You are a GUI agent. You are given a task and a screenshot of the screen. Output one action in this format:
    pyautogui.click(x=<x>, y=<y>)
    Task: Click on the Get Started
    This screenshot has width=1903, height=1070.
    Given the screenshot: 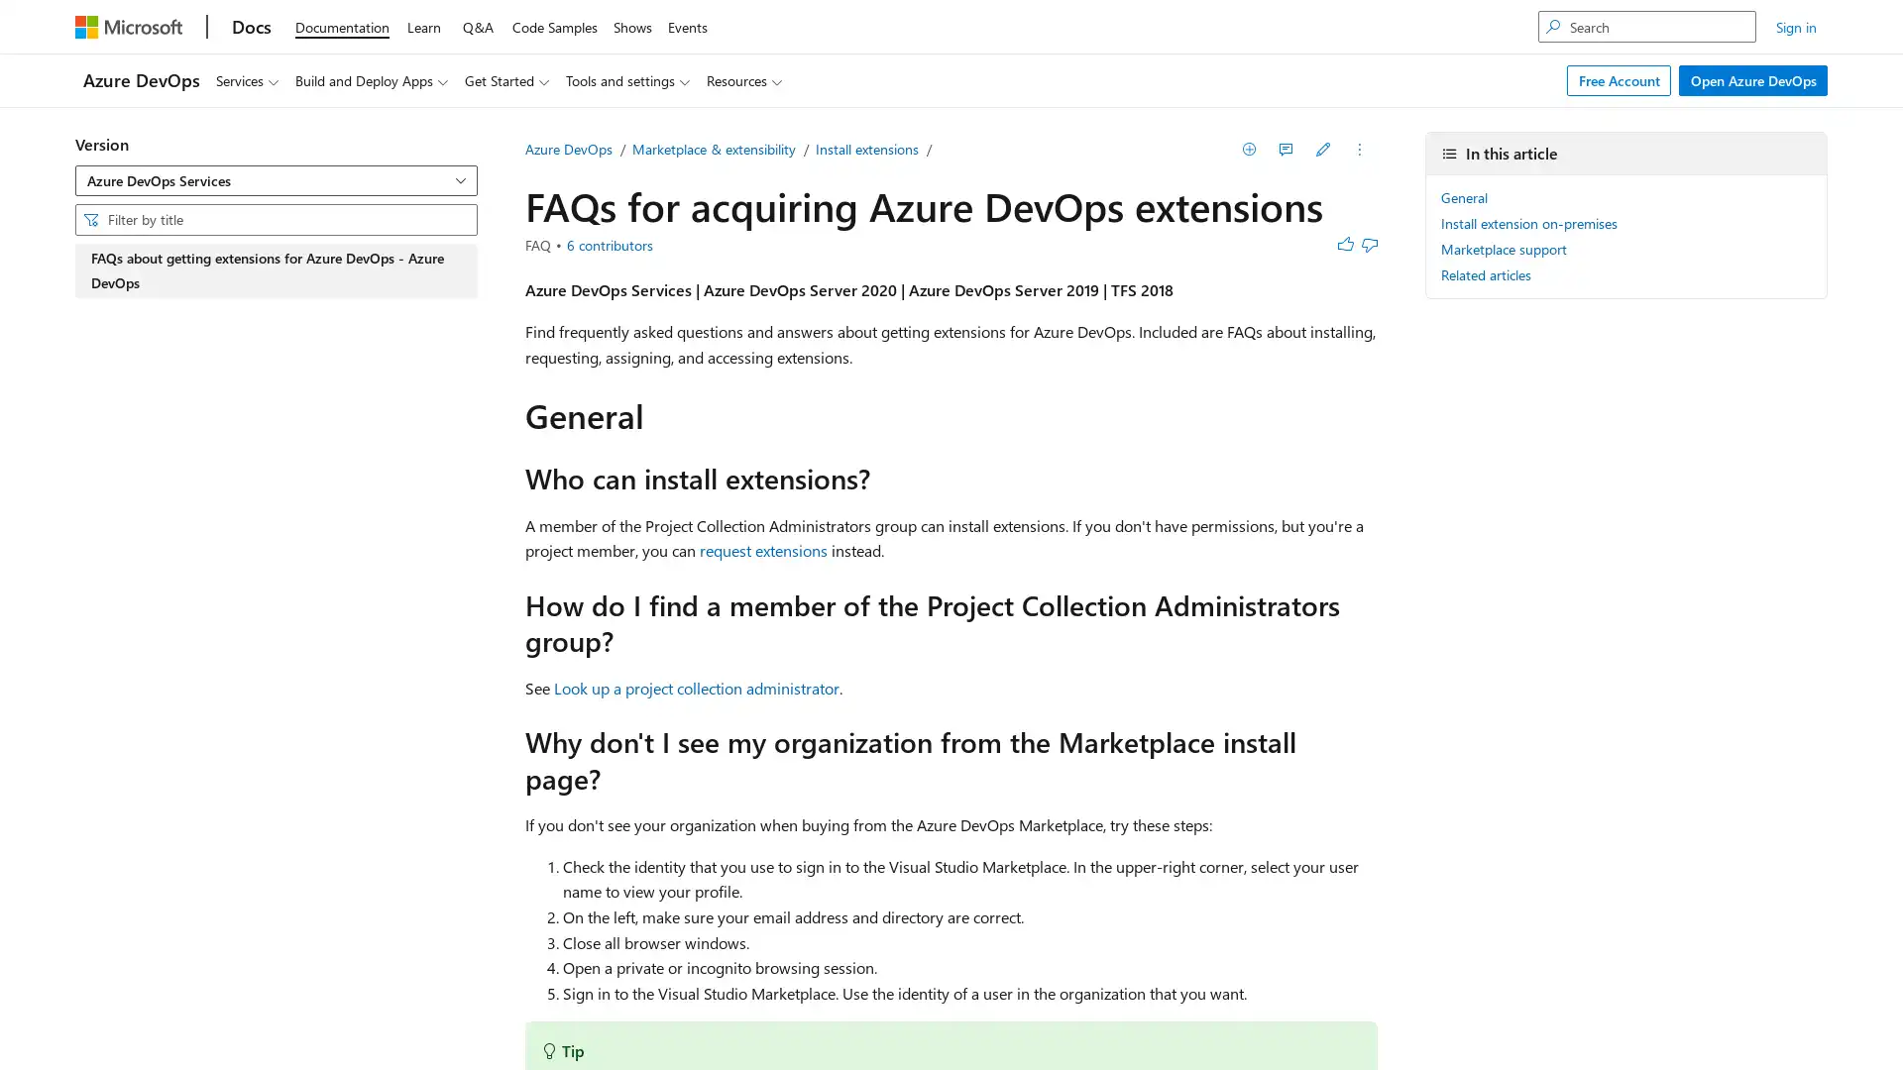 What is the action you would take?
    pyautogui.click(x=507, y=79)
    